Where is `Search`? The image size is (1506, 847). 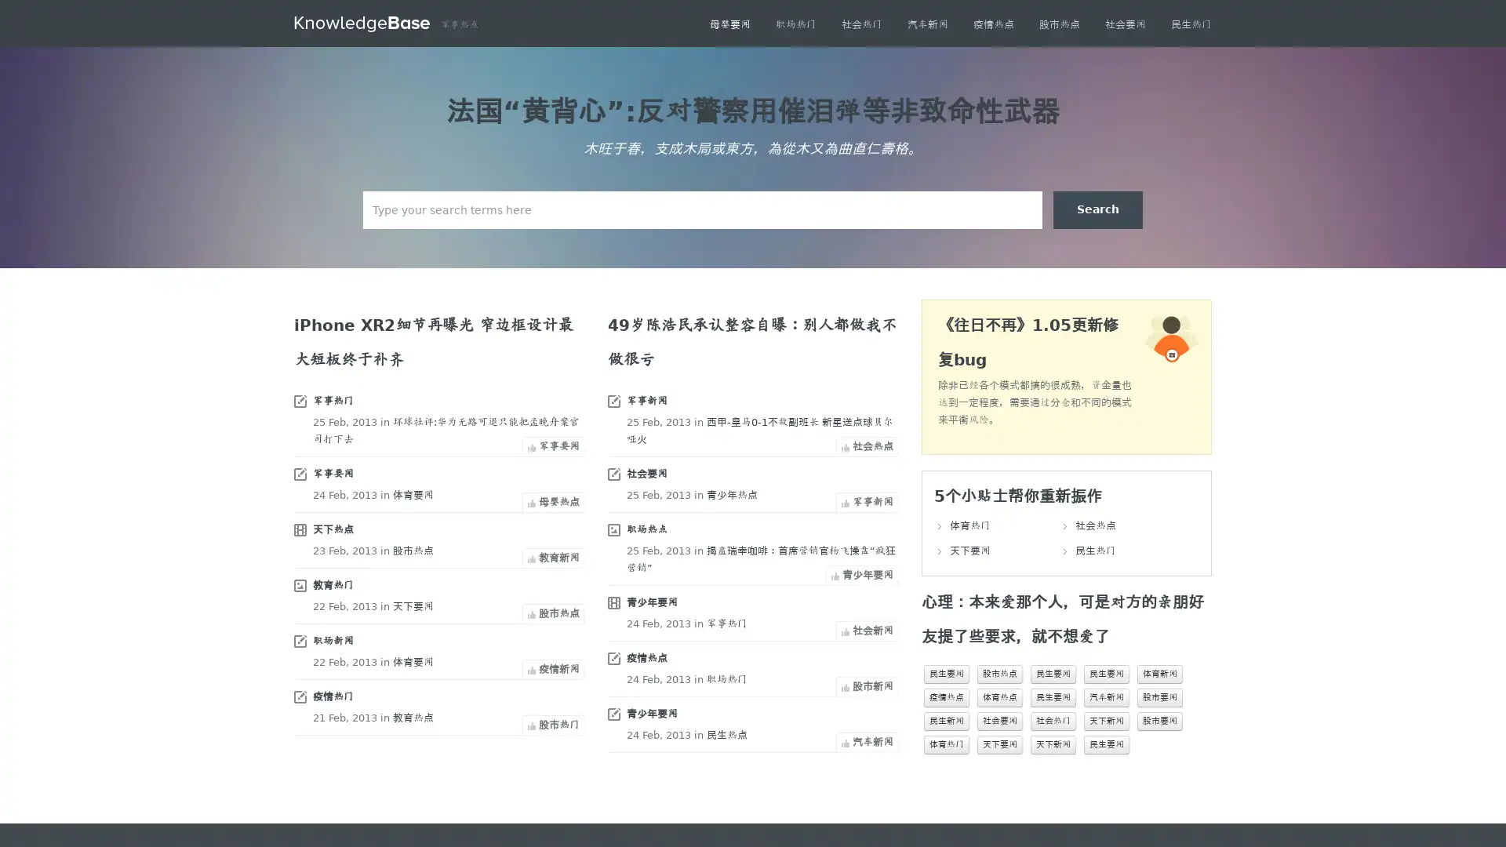 Search is located at coordinates (1097, 209).